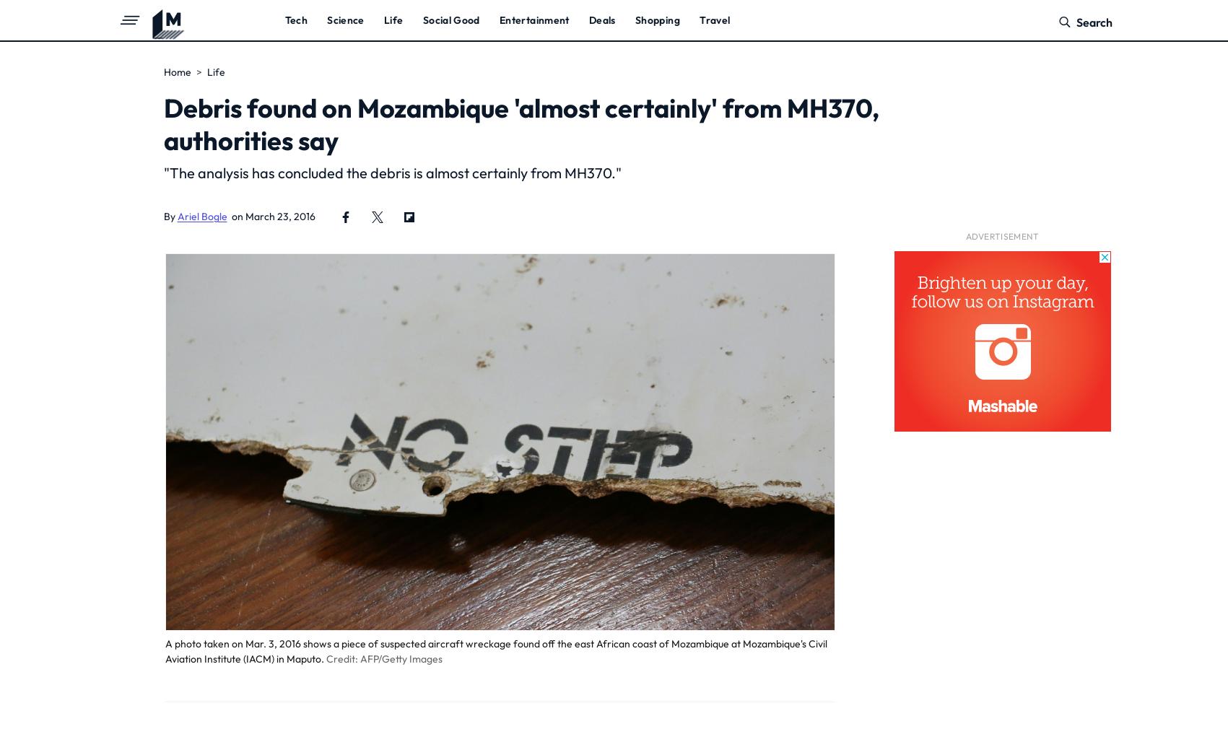 This screenshot has height=729, width=1228. Describe the element at coordinates (656, 19) in the screenshot. I see `'Shopping'` at that location.